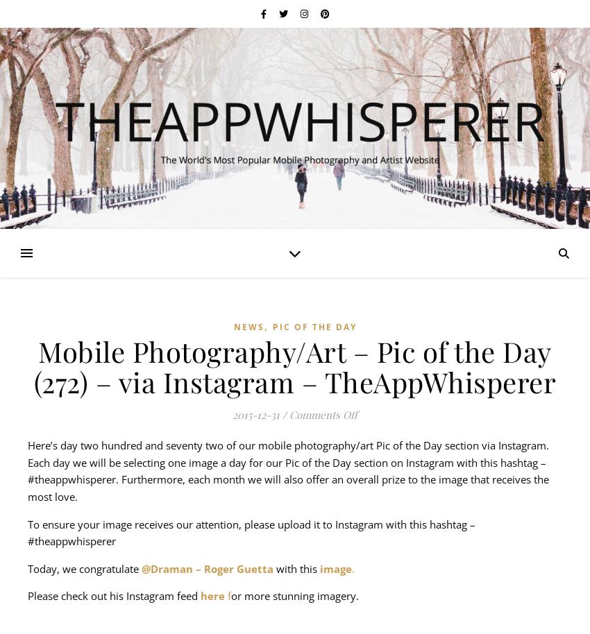 The height and width of the screenshot is (634, 590). Describe the element at coordinates (83, 567) in the screenshot. I see `'Today, we congratulate'` at that location.